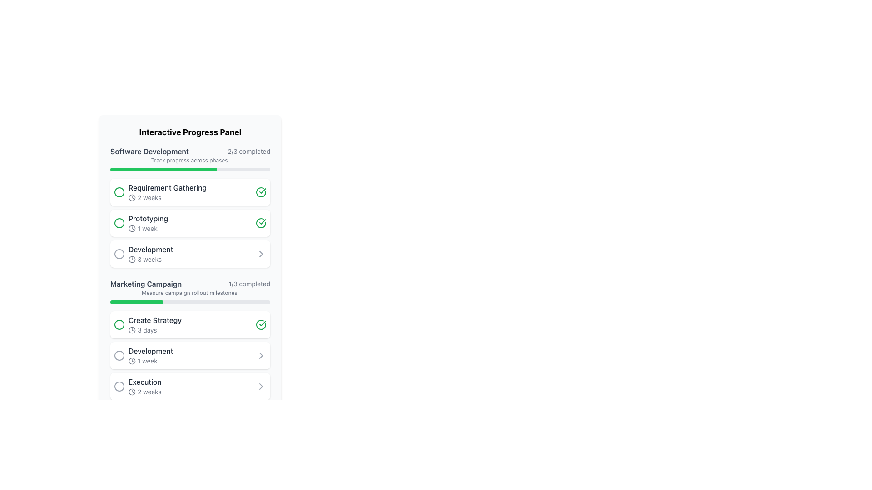 The height and width of the screenshot is (490, 872). I want to click on the informational text label reading 'Measure campaign rollout milestones.' which is styled in gray and located below the 'Marketing Campaign' title and progress bar, so click(189, 293).